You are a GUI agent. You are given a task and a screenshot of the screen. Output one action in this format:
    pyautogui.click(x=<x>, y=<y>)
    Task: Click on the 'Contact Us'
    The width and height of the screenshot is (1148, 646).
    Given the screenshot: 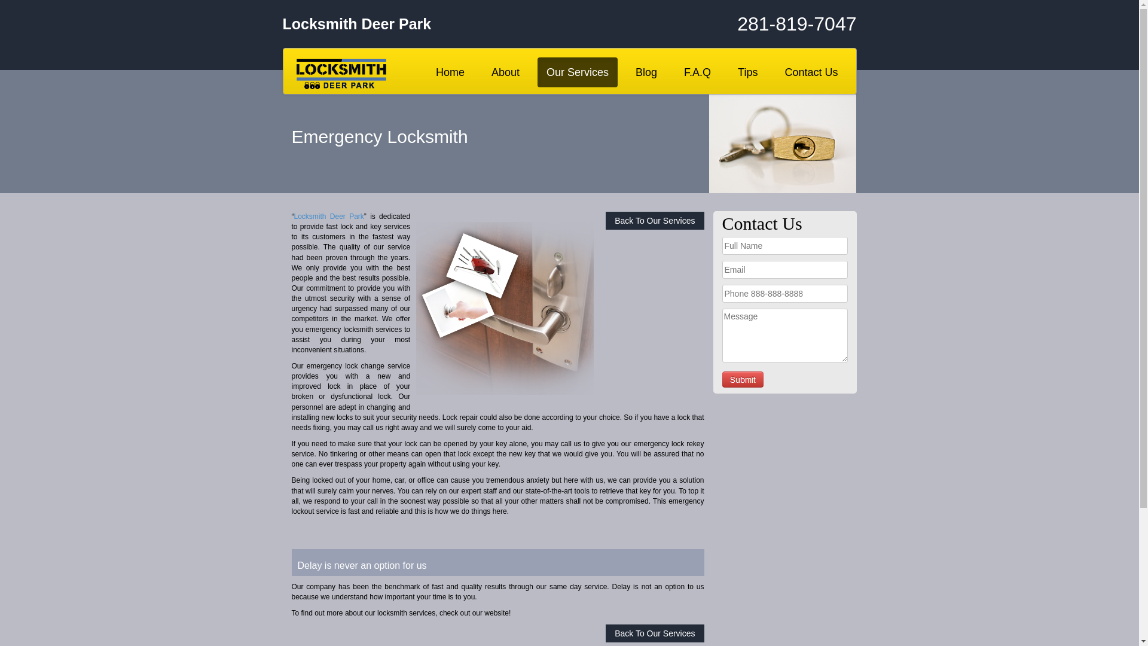 What is the action you would take?
    pyautogui.click(x=775, y=72)
    